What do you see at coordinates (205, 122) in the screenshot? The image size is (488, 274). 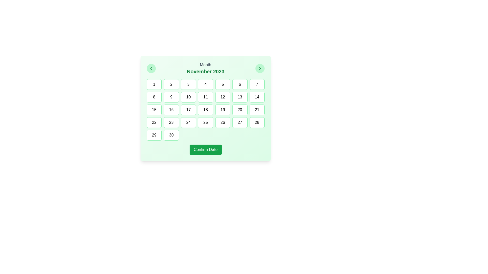 I see `the selectable day button representing the 25th day in the calendar for November 2023 to trigger a style change` at bounding box center [205, 122].